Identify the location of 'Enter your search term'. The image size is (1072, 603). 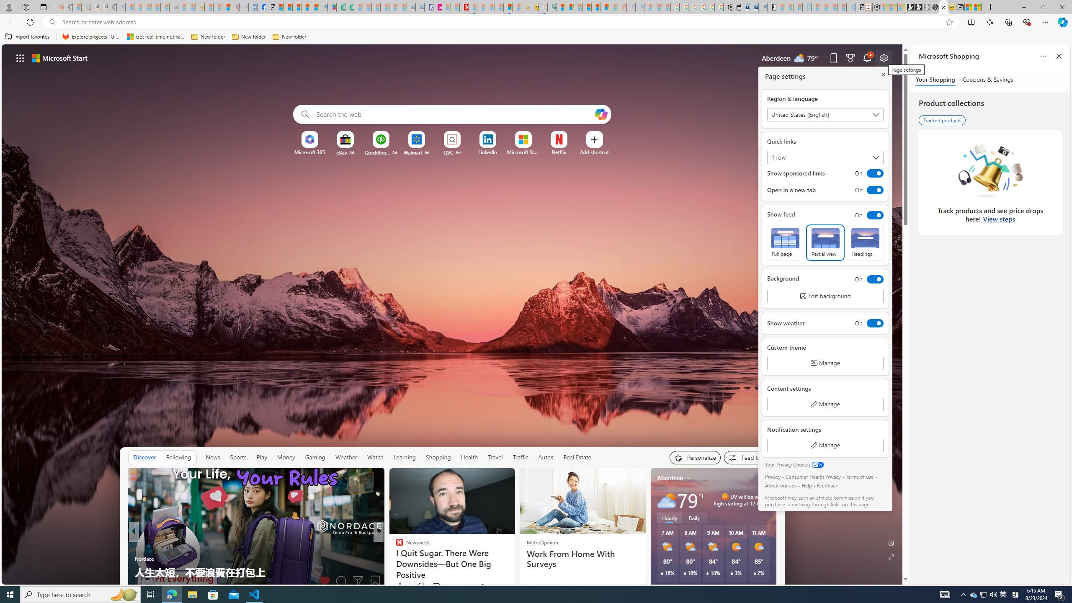
(454, 114).